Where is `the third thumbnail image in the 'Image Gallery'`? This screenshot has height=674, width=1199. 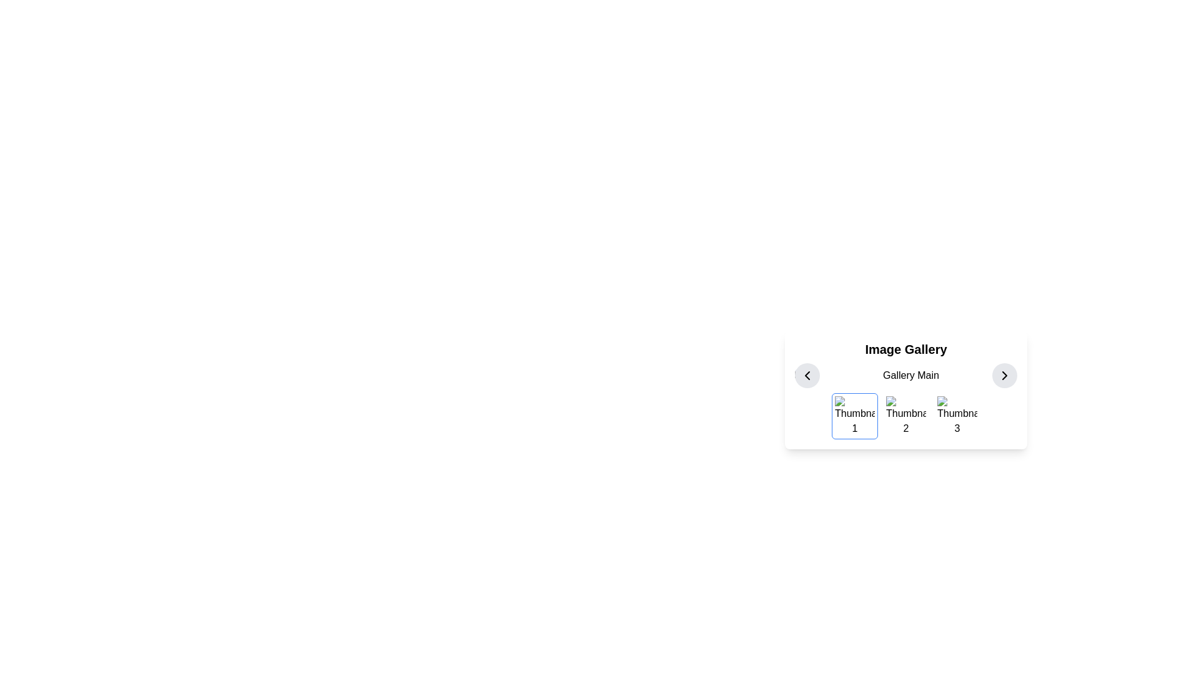
the third thumbnail image in the 'Image Gallery' is located at coordinates (956, 416).